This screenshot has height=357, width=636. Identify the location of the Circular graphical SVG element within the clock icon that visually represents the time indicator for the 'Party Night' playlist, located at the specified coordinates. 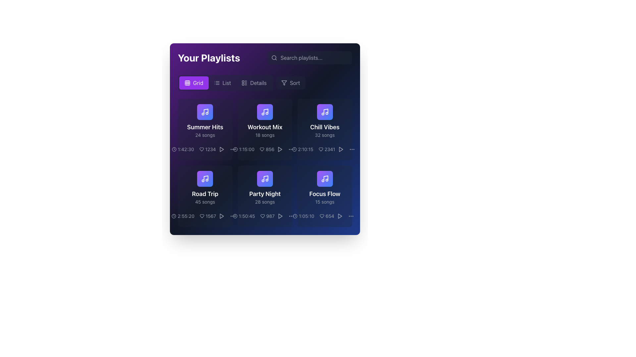
(235, 216).